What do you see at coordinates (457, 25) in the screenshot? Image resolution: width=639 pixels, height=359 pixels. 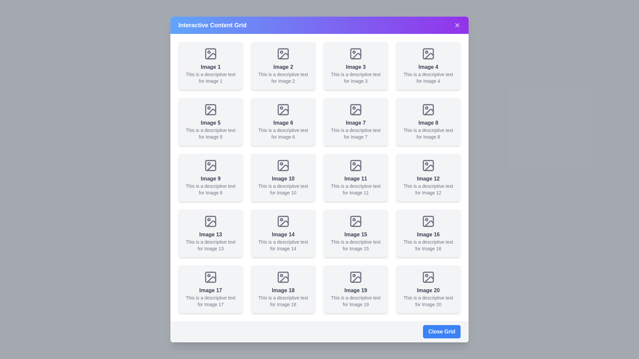 I see `the 'X' button in the top-right corner of the dialog to close it` at bounding box center [457, 25].